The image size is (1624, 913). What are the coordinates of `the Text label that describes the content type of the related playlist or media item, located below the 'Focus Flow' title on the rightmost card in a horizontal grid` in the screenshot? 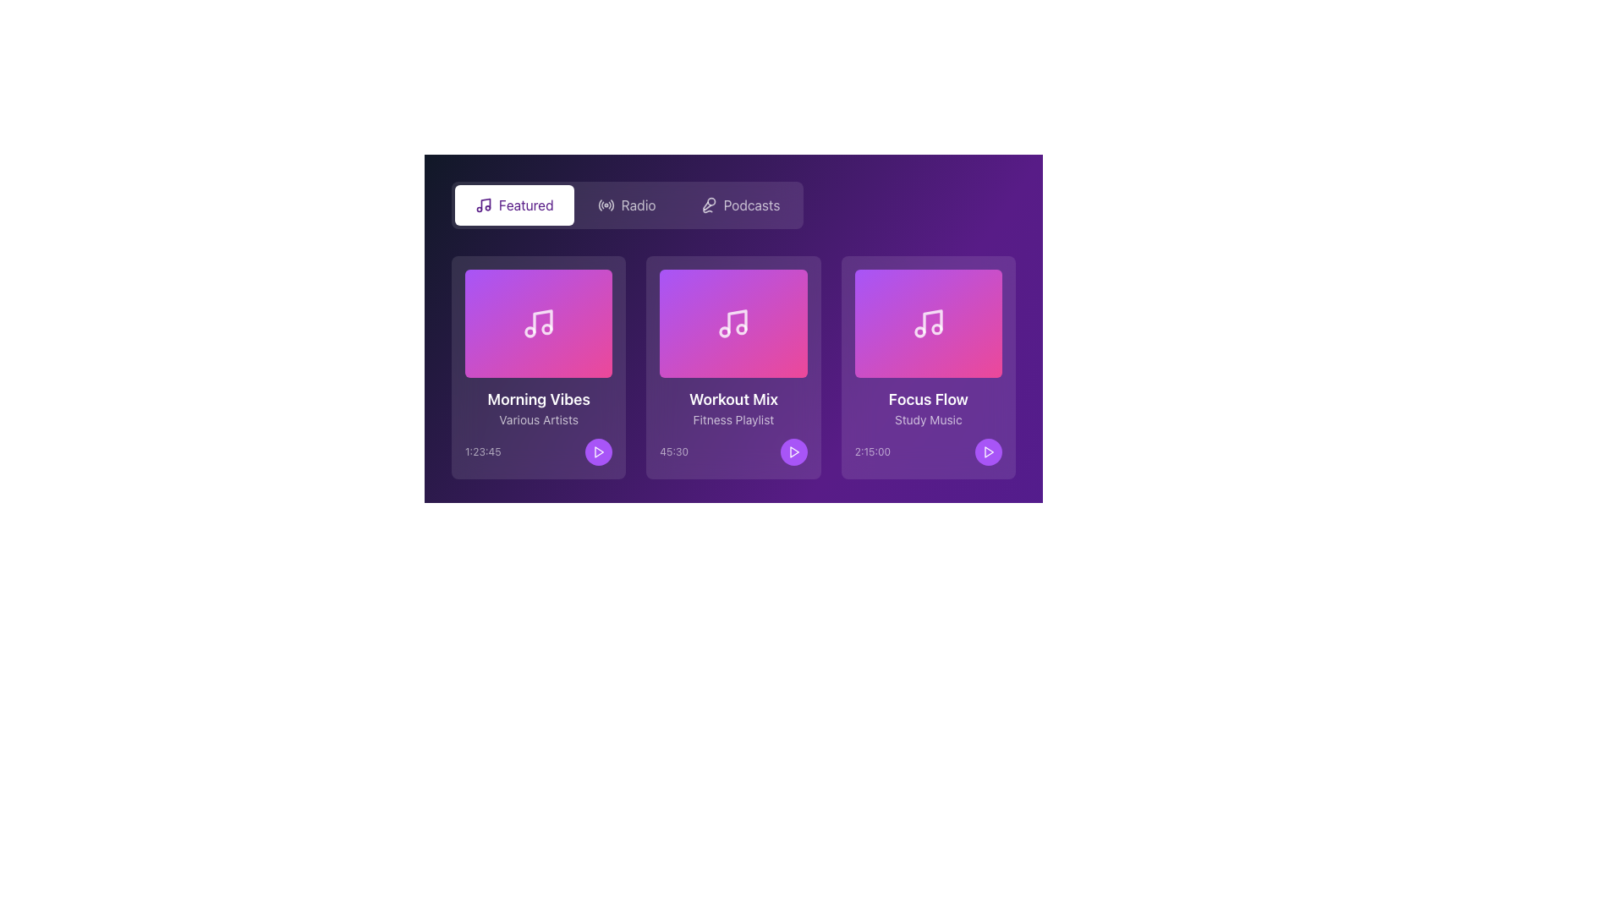 It's located at (927, 419).